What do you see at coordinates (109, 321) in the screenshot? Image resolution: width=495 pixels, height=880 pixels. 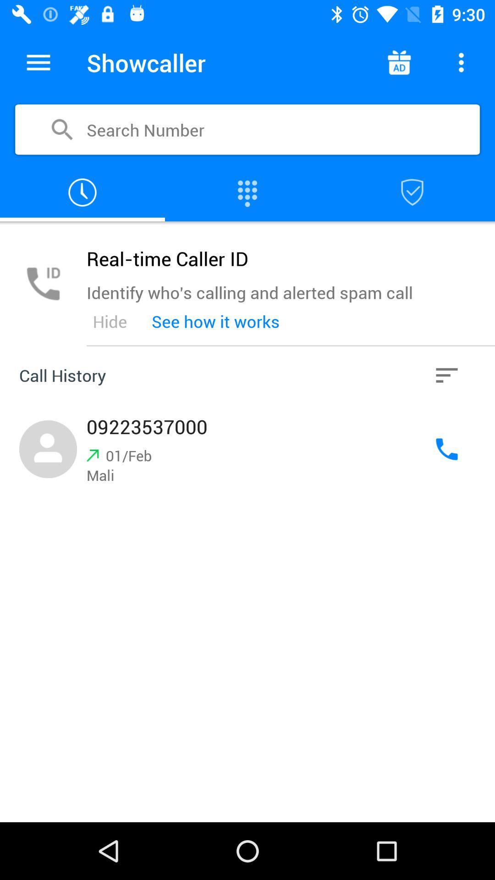 I see `icon below the identify who s icon` at bounding box center [109, 321].